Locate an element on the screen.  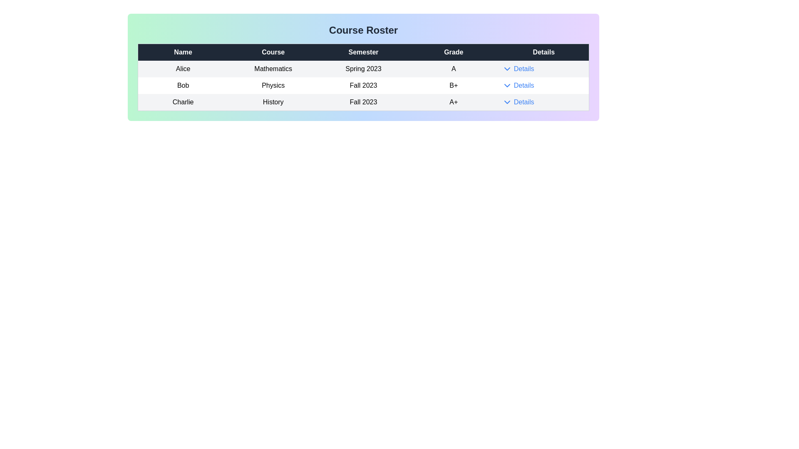
the 'Details' button with a downward arrow icon located in the rightmost column of the last row of the table representing 'Charlie,' 'History,' 'Fall 2023,' and 'A+' is located at coordinates (544, 102).